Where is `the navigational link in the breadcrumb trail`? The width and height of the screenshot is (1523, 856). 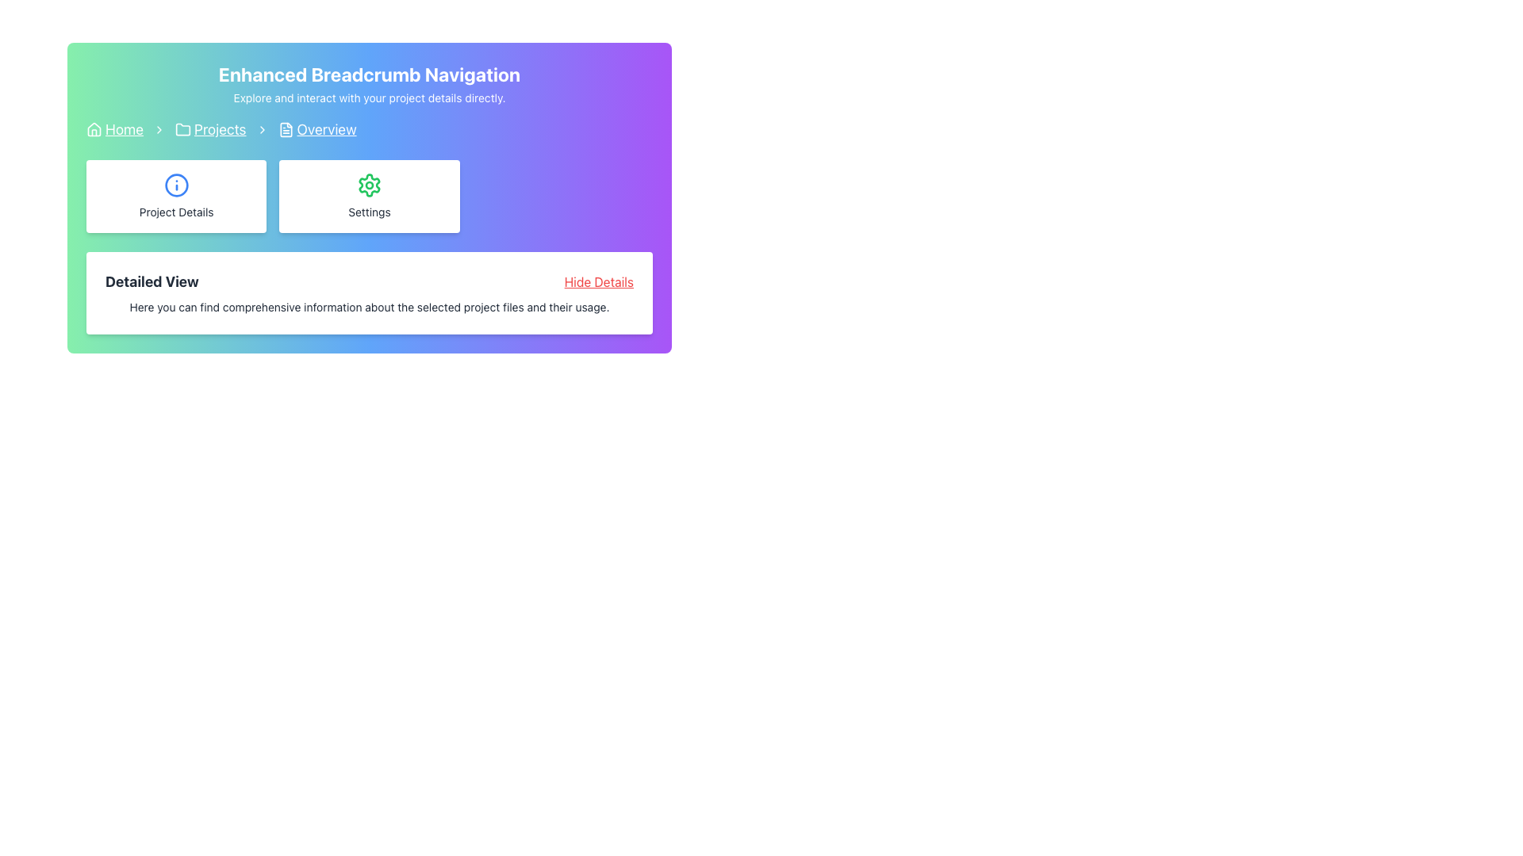 the navigational link in the breadcrumb trail is located at coordinates (317, 129).